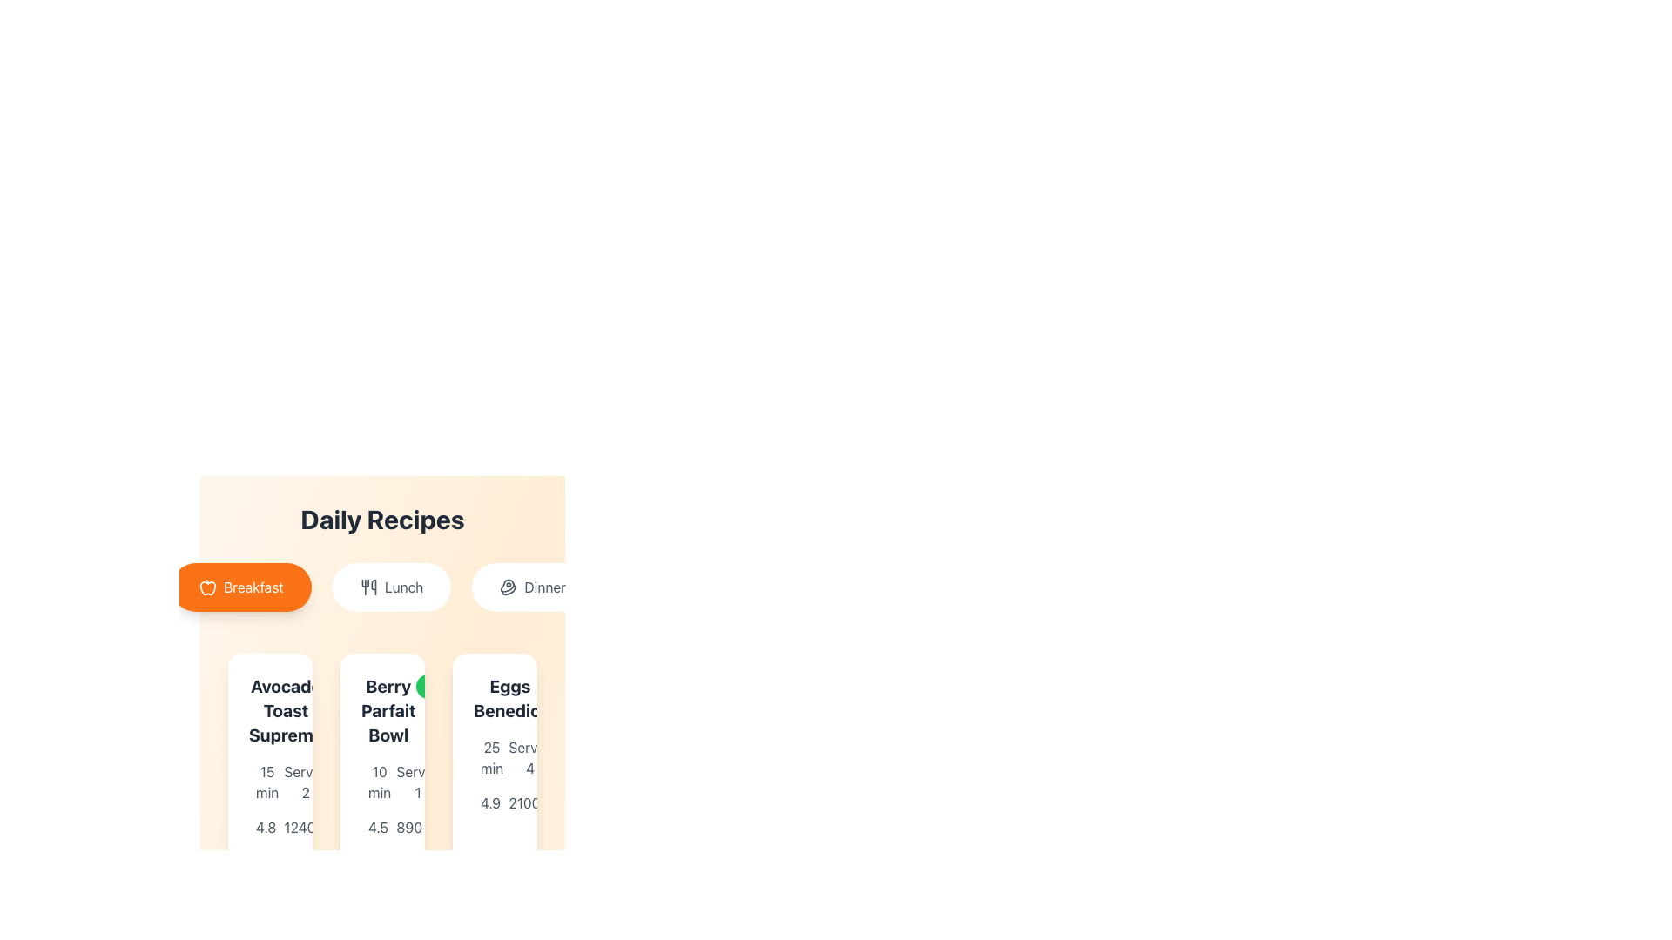  Describe the element at coordinates (532, 587) in the screenshot. I see `the 'Dinner' button, which is the third button among three horizontally aligned buttons` at that location.